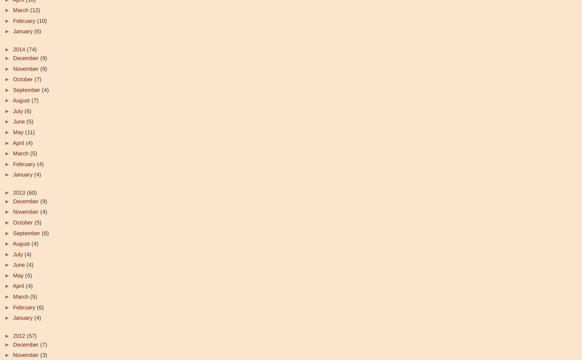 Image resolution: width=582 pixels, height=360 pixels. What do you see at coordinates (32, 336) in the screenshot?
I see `'(57)'` at bounding box center [32, 336].